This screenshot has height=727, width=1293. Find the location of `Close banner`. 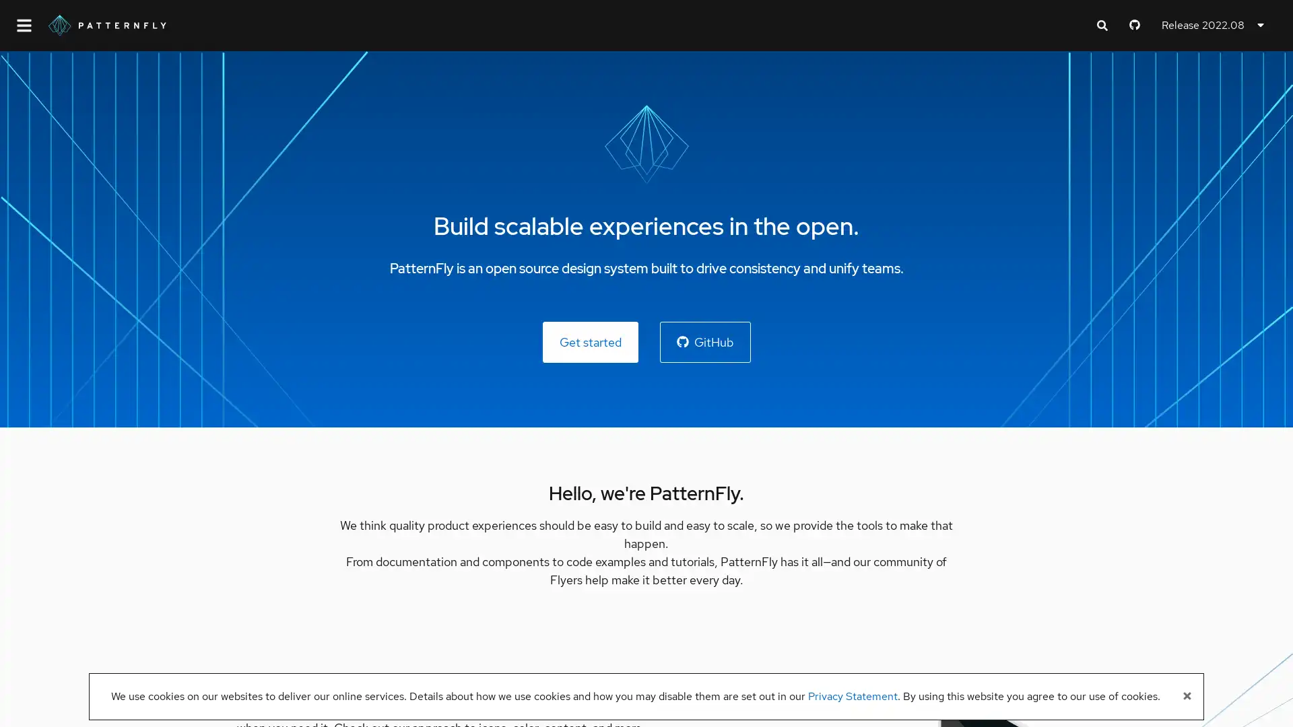

Close banner is located at coordinates (1187, 696).